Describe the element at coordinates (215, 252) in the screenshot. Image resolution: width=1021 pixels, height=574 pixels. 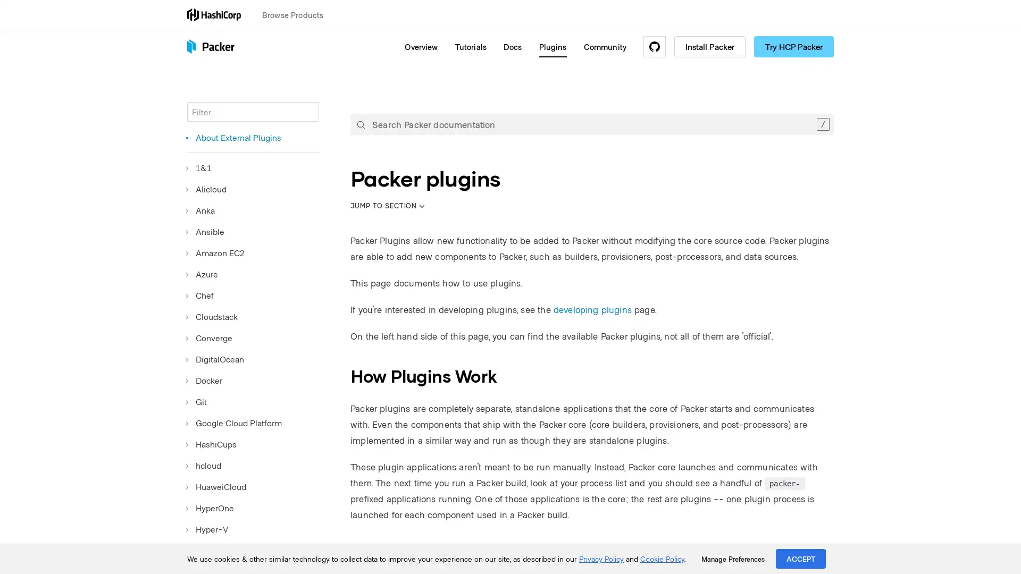
I see `Amazon EC2` at that location.